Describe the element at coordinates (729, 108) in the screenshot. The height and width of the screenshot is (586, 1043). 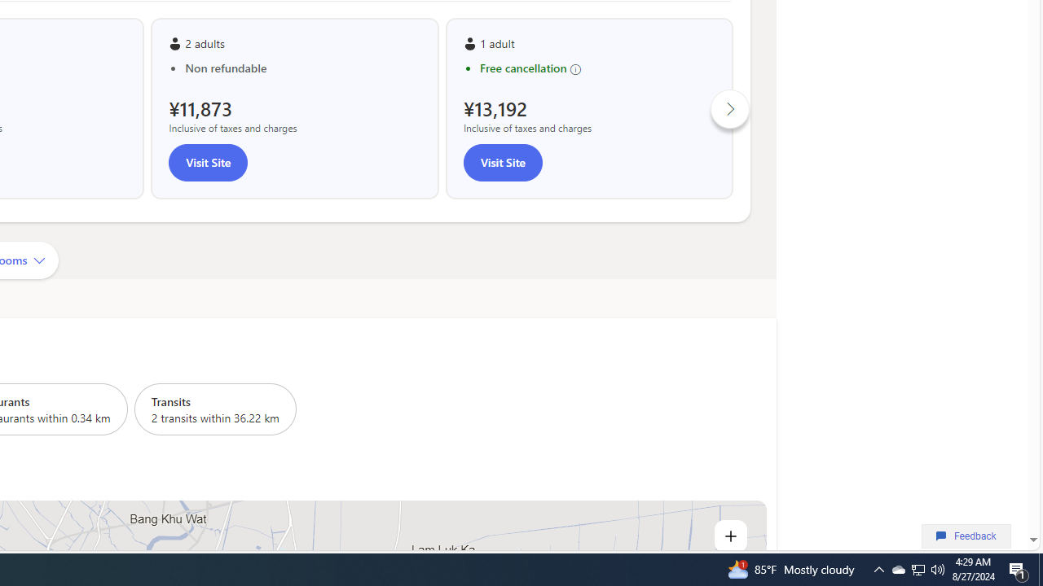
I see `'Click to scroll right'` at that location.